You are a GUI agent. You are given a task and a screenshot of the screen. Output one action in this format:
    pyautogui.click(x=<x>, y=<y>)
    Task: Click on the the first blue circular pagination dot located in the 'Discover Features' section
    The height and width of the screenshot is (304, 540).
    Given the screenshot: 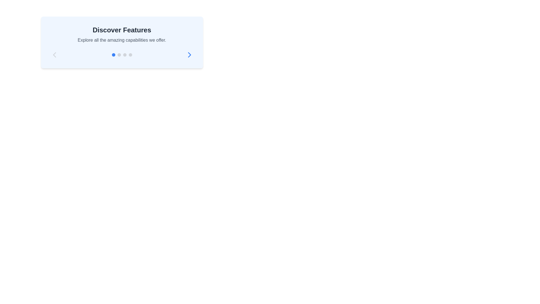 What is the action you would take?
    pyautogui.click(x=113, y=55)
    